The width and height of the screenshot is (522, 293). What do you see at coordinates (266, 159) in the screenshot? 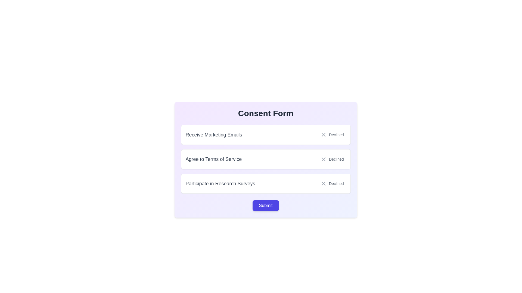
I see `the 'Agree to Terms of Service' element, which displays a status of 'Declined'` at bounding box center [266, 159].